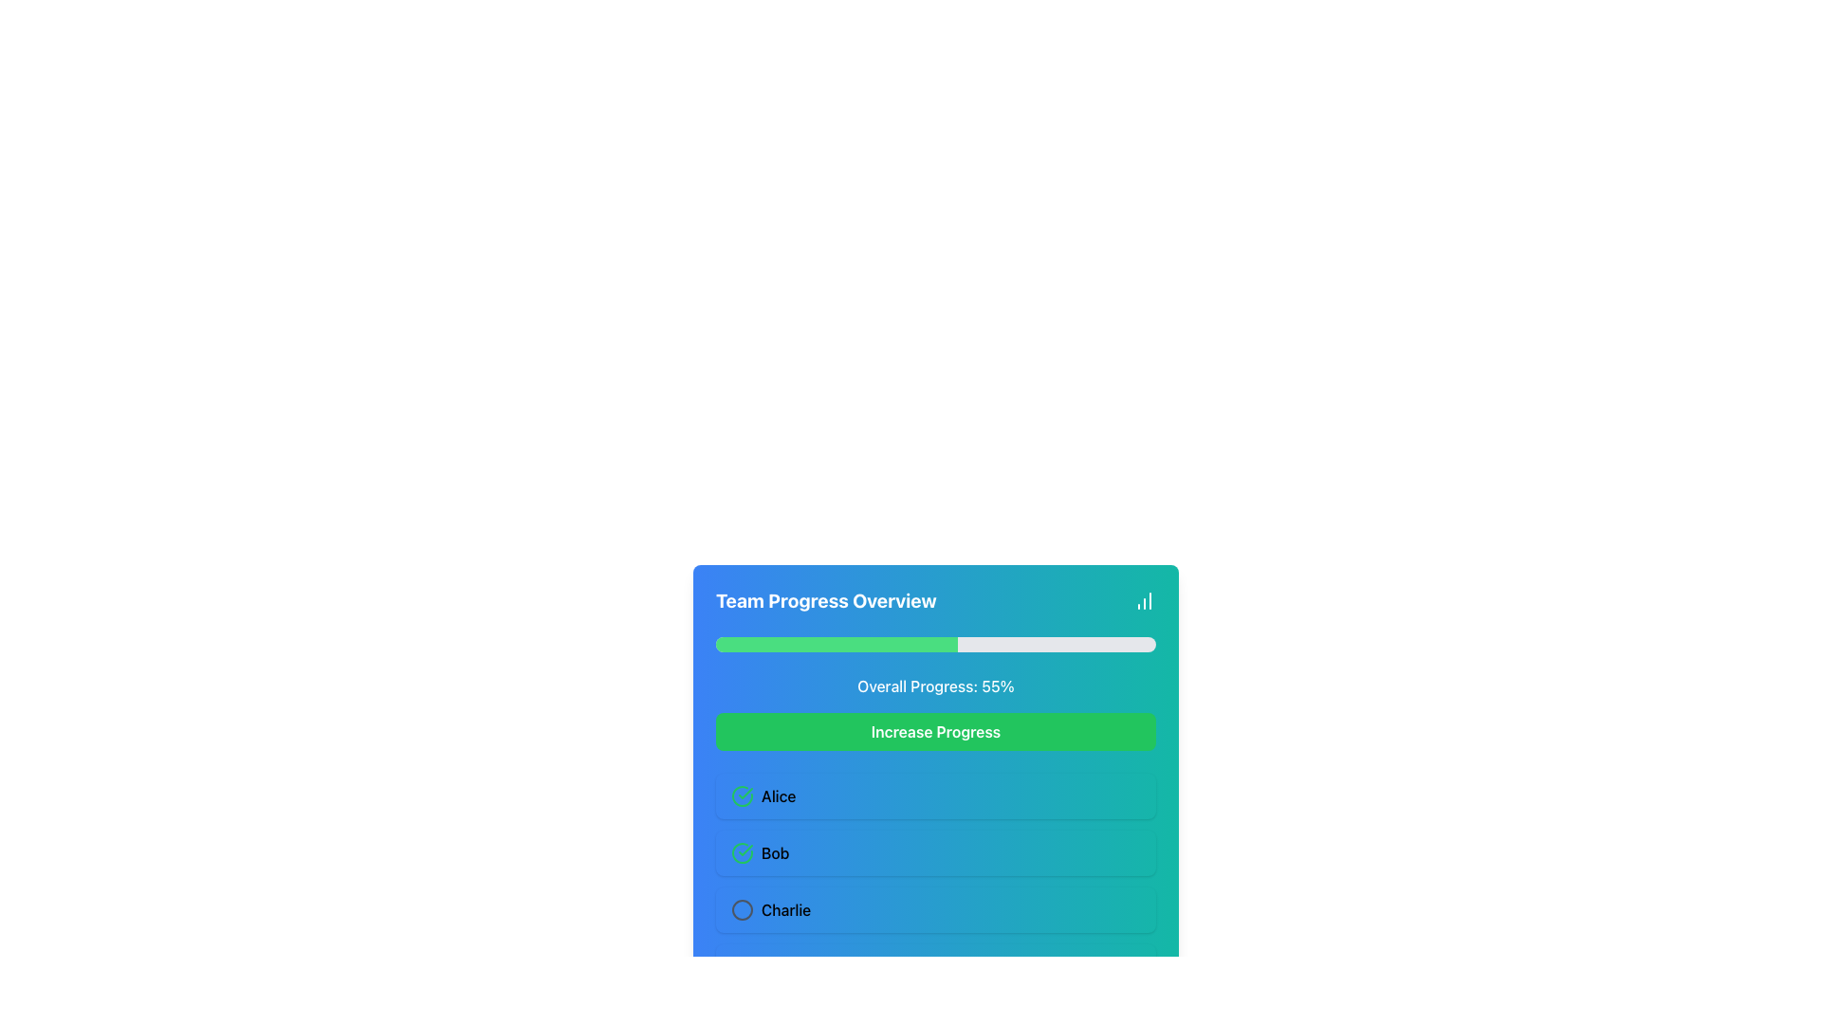 The image size is (1821, 1024). Describe the element at coordinates (836, 643) in the screenshot. I see `the Progress Indicator located in the 'Team Progress Overview' panel, which visually represents the completed tasks with a green section indicating 55% fulfillment` at that location.